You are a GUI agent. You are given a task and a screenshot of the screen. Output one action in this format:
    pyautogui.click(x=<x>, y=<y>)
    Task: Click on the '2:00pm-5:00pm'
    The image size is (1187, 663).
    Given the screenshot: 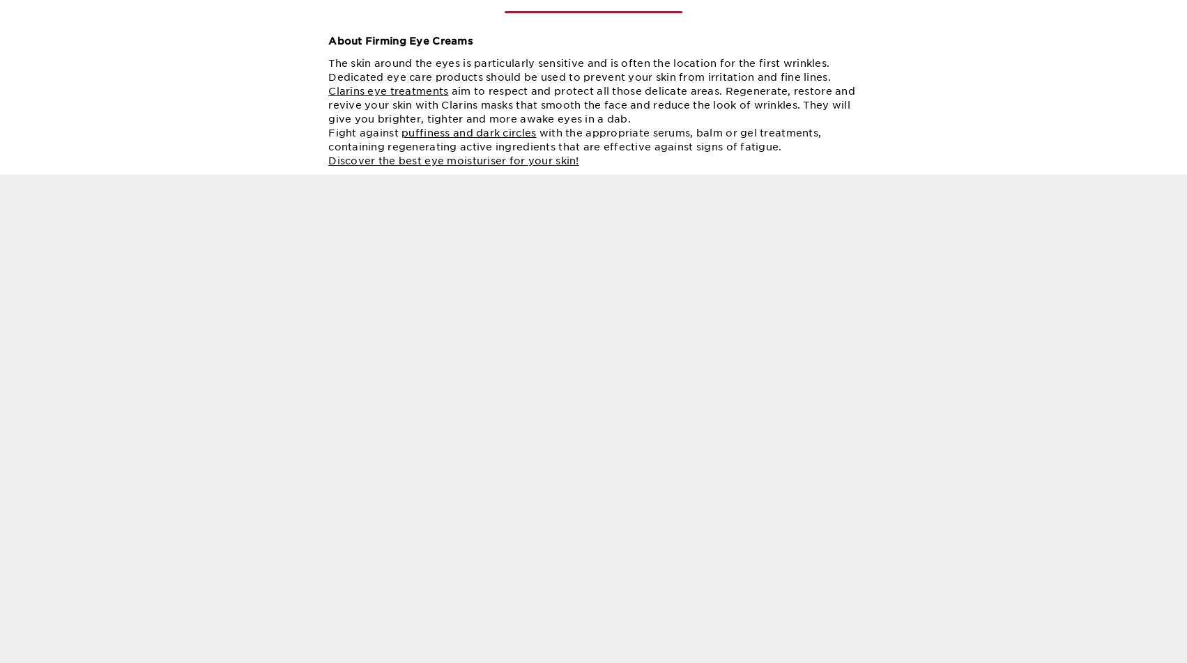 What is the action you would take?
    pyautogui.click(x=797, y=325)
    